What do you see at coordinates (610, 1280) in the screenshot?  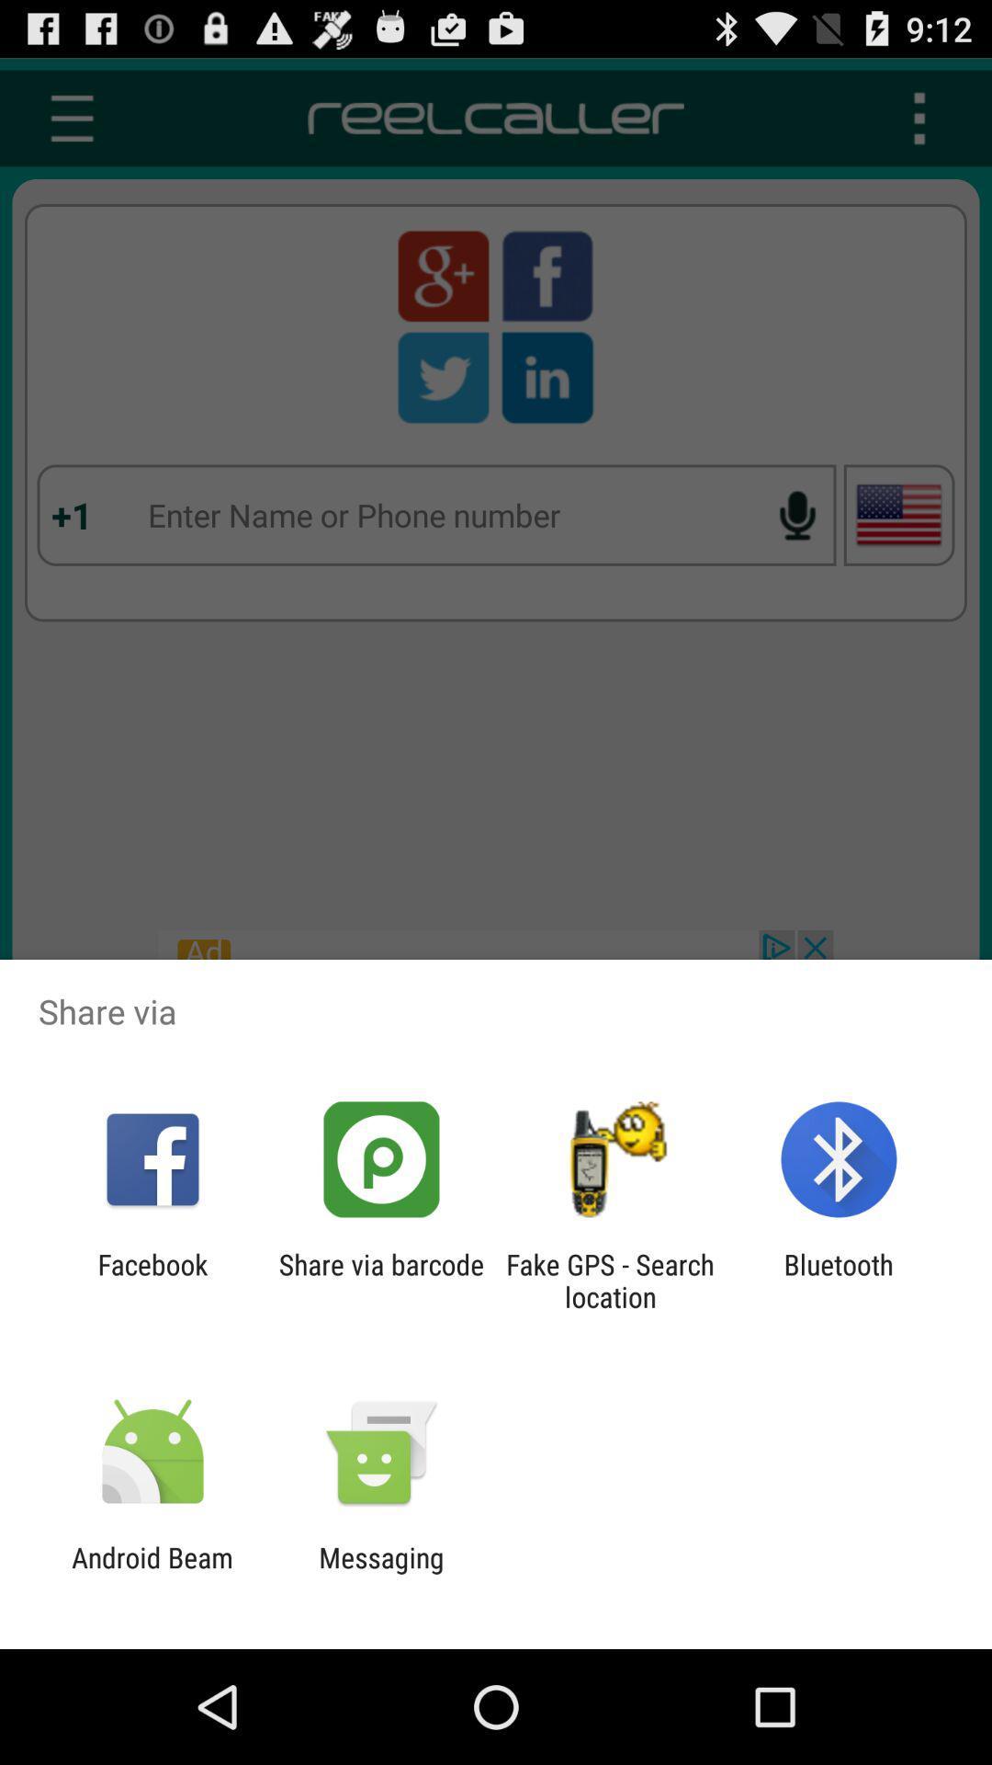 I see `icon next to the share via barcode` at bounding box center [610, 1280].